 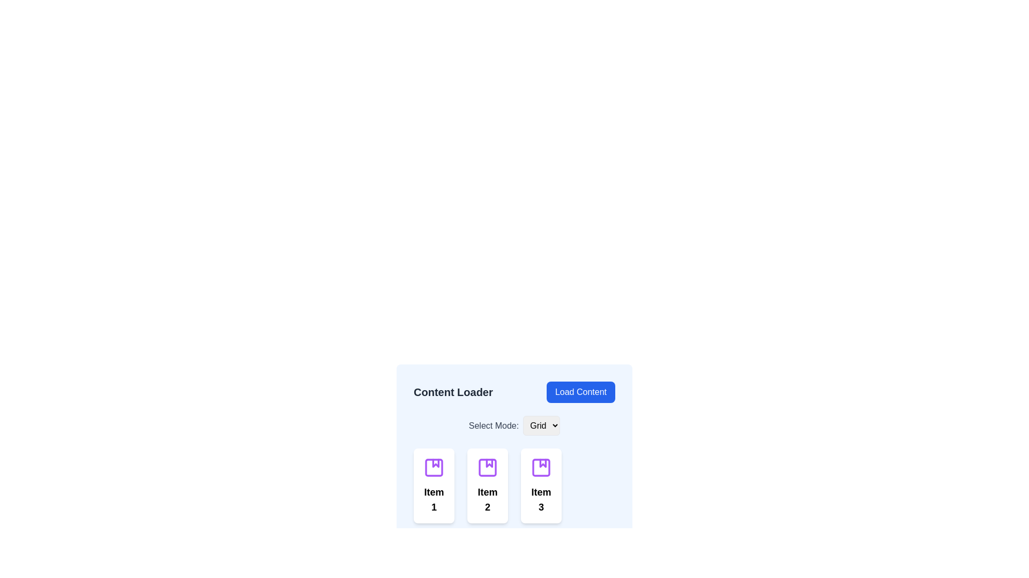 I want to click on the icon representing the third item in the grid, which is positioned above the caption 'Item 3' in a card-like structure, so click(x=541, y=467).